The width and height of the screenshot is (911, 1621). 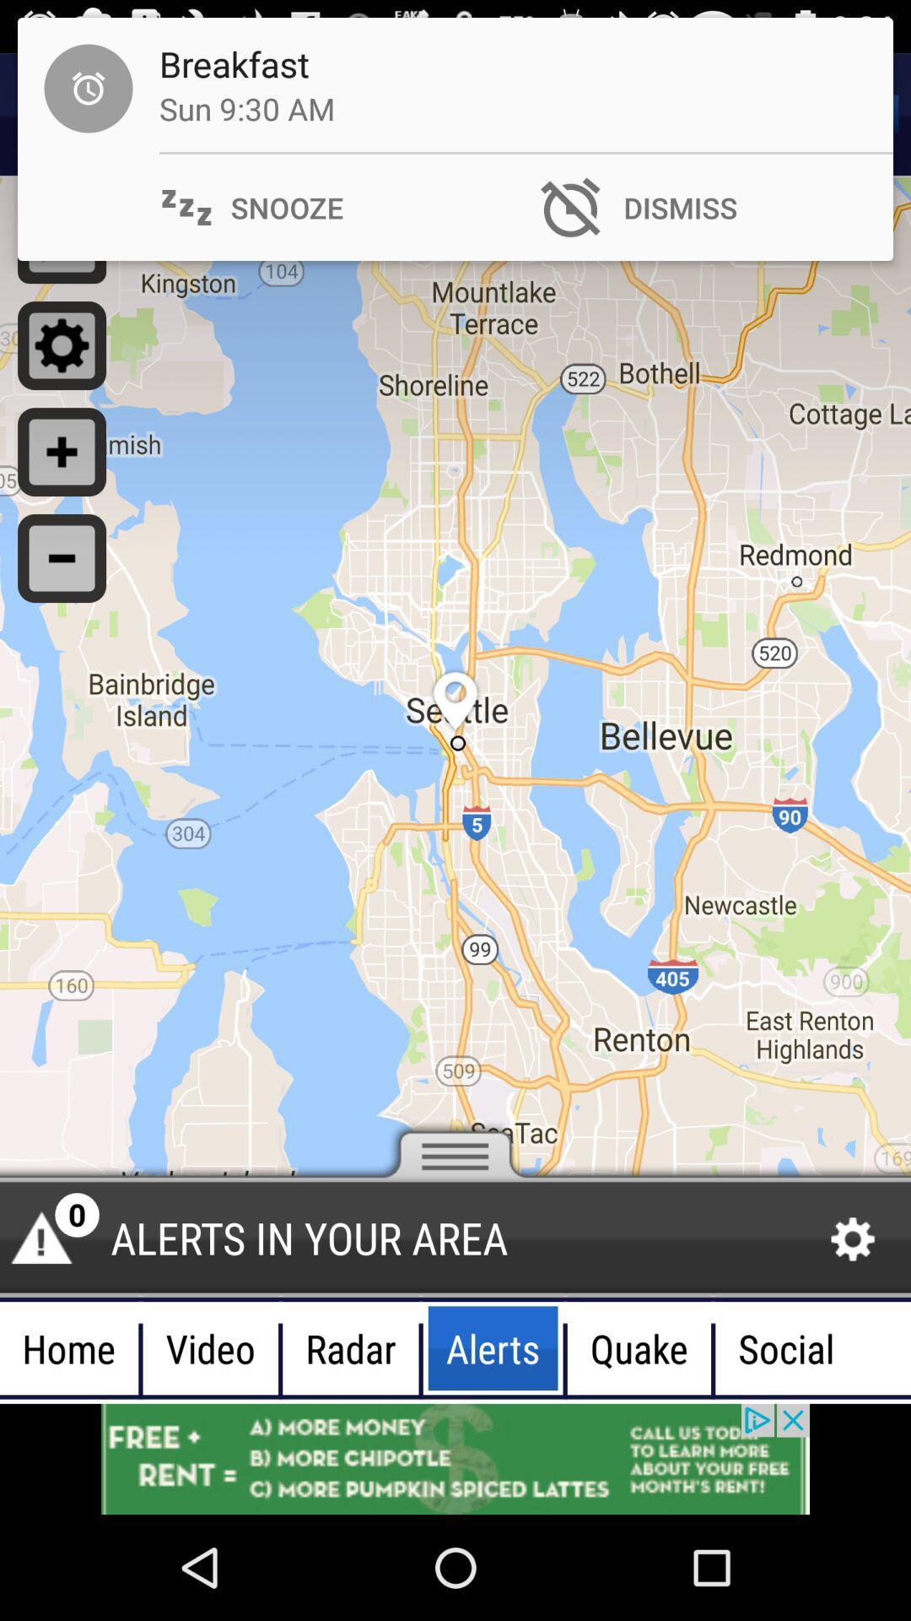 What do you see at coordinates (61, 114) in the screenshot?
I see `the time icon` at bounding box center [61, 114].